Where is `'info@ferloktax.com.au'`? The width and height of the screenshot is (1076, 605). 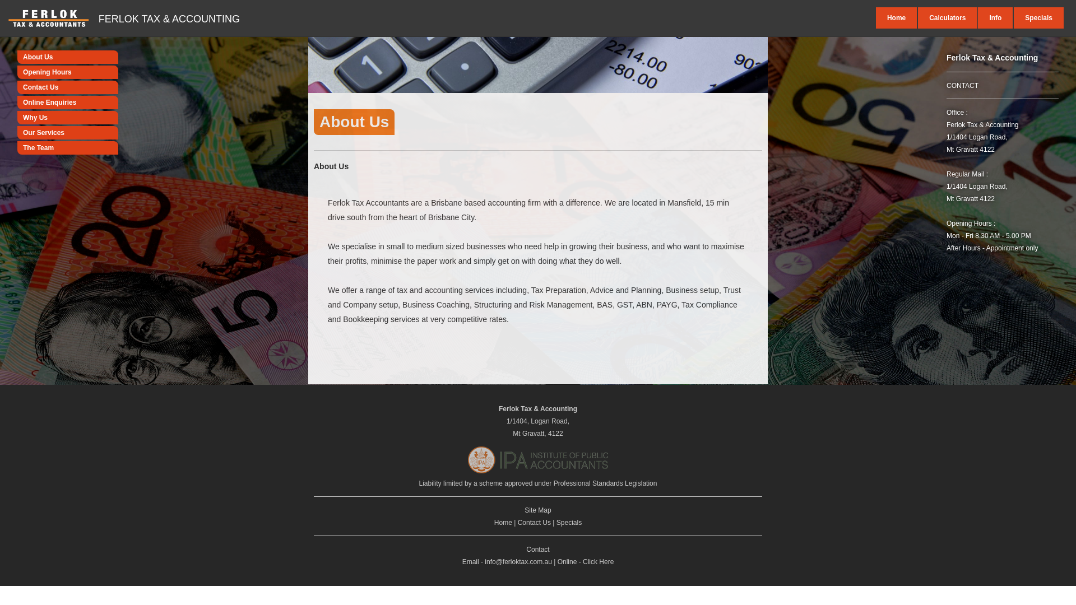 'info@ferloktax.com.au' is located at coordinates (518, 561).